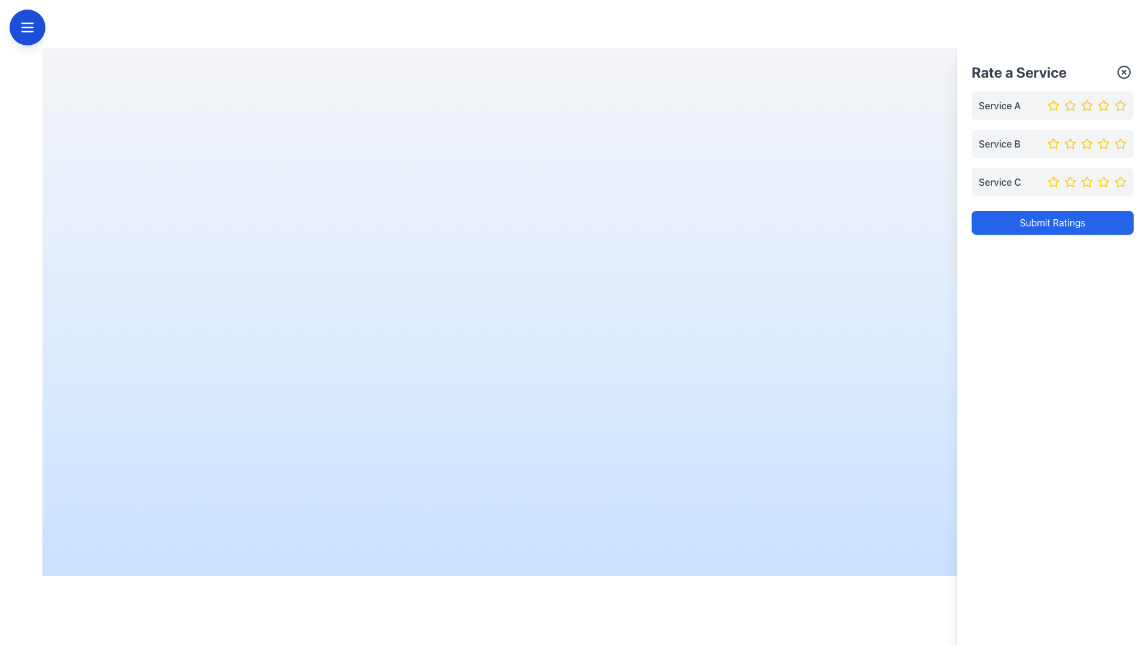  Describe the element at coordinates (1119, 105) in the screenshot. I see `the rightmost yellow star-shaped Rating Star Icon in the star rating system for 'Service A'` at that location.